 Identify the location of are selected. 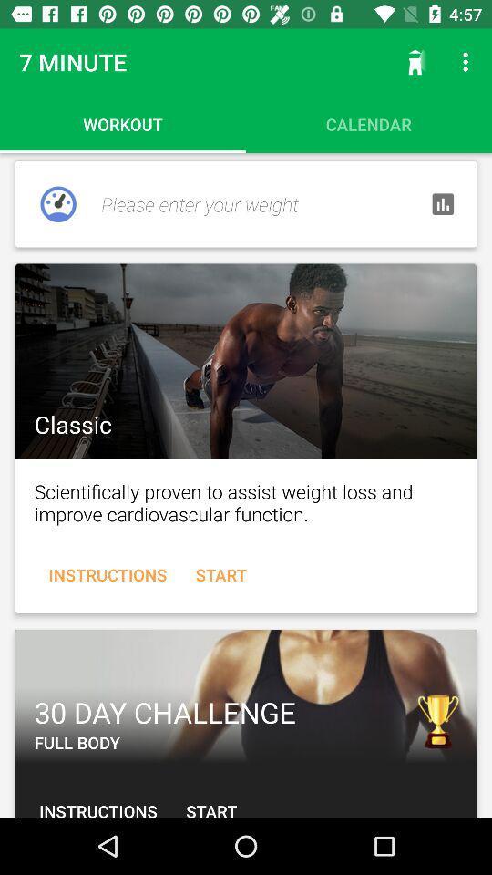
(246, 360).